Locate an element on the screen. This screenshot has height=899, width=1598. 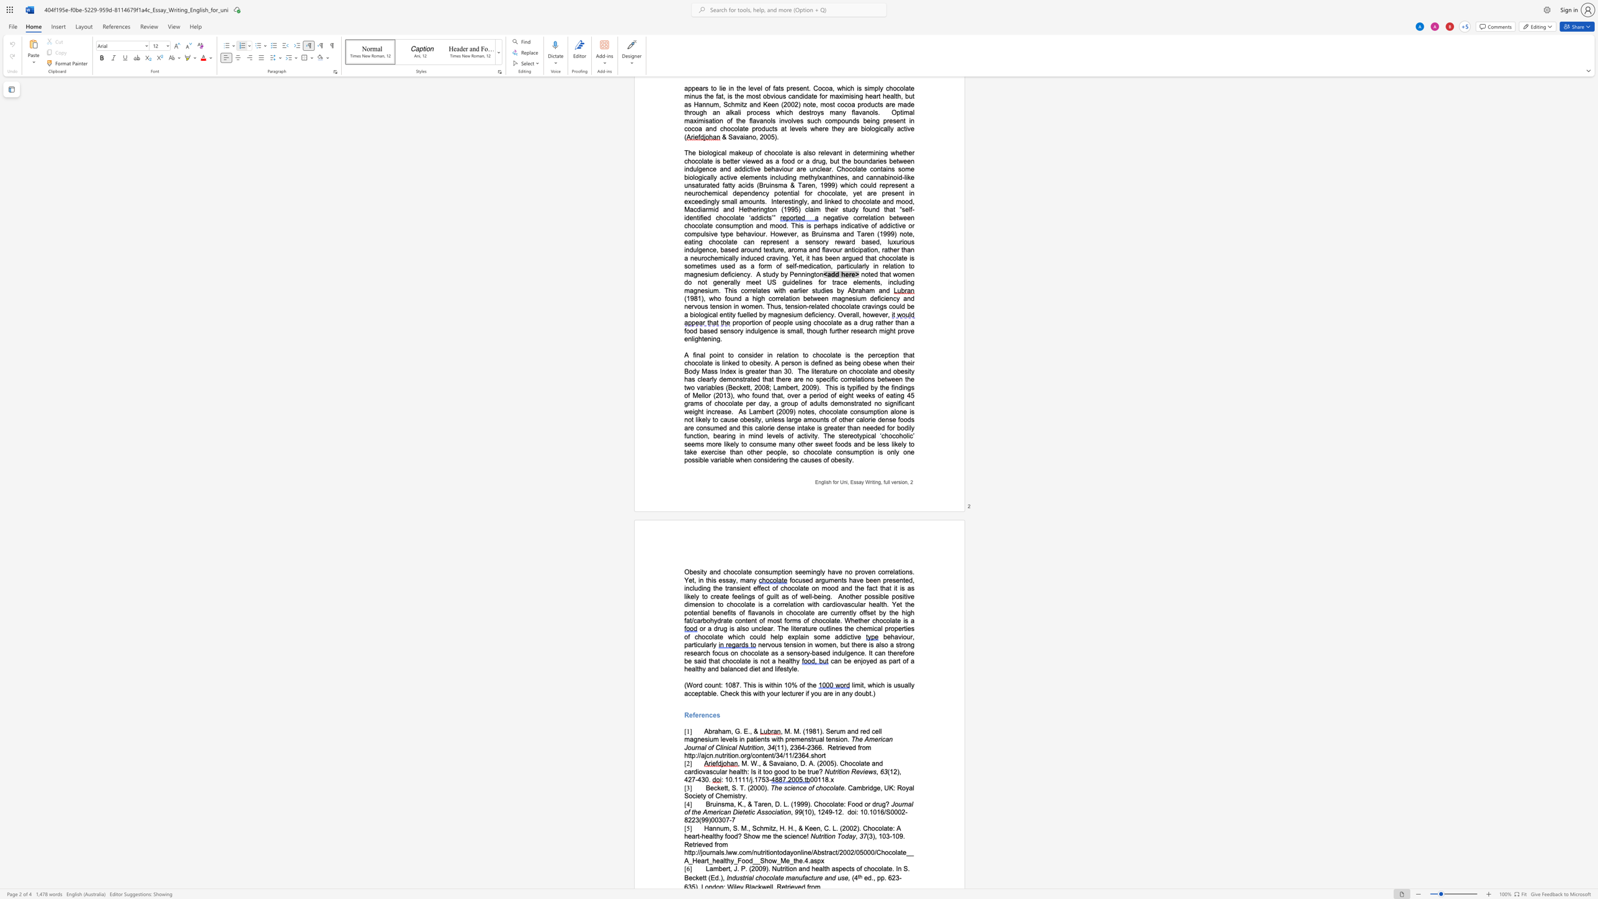
the space between the continuous character "l" and "a" in the text is located at coordinates (834, 787).